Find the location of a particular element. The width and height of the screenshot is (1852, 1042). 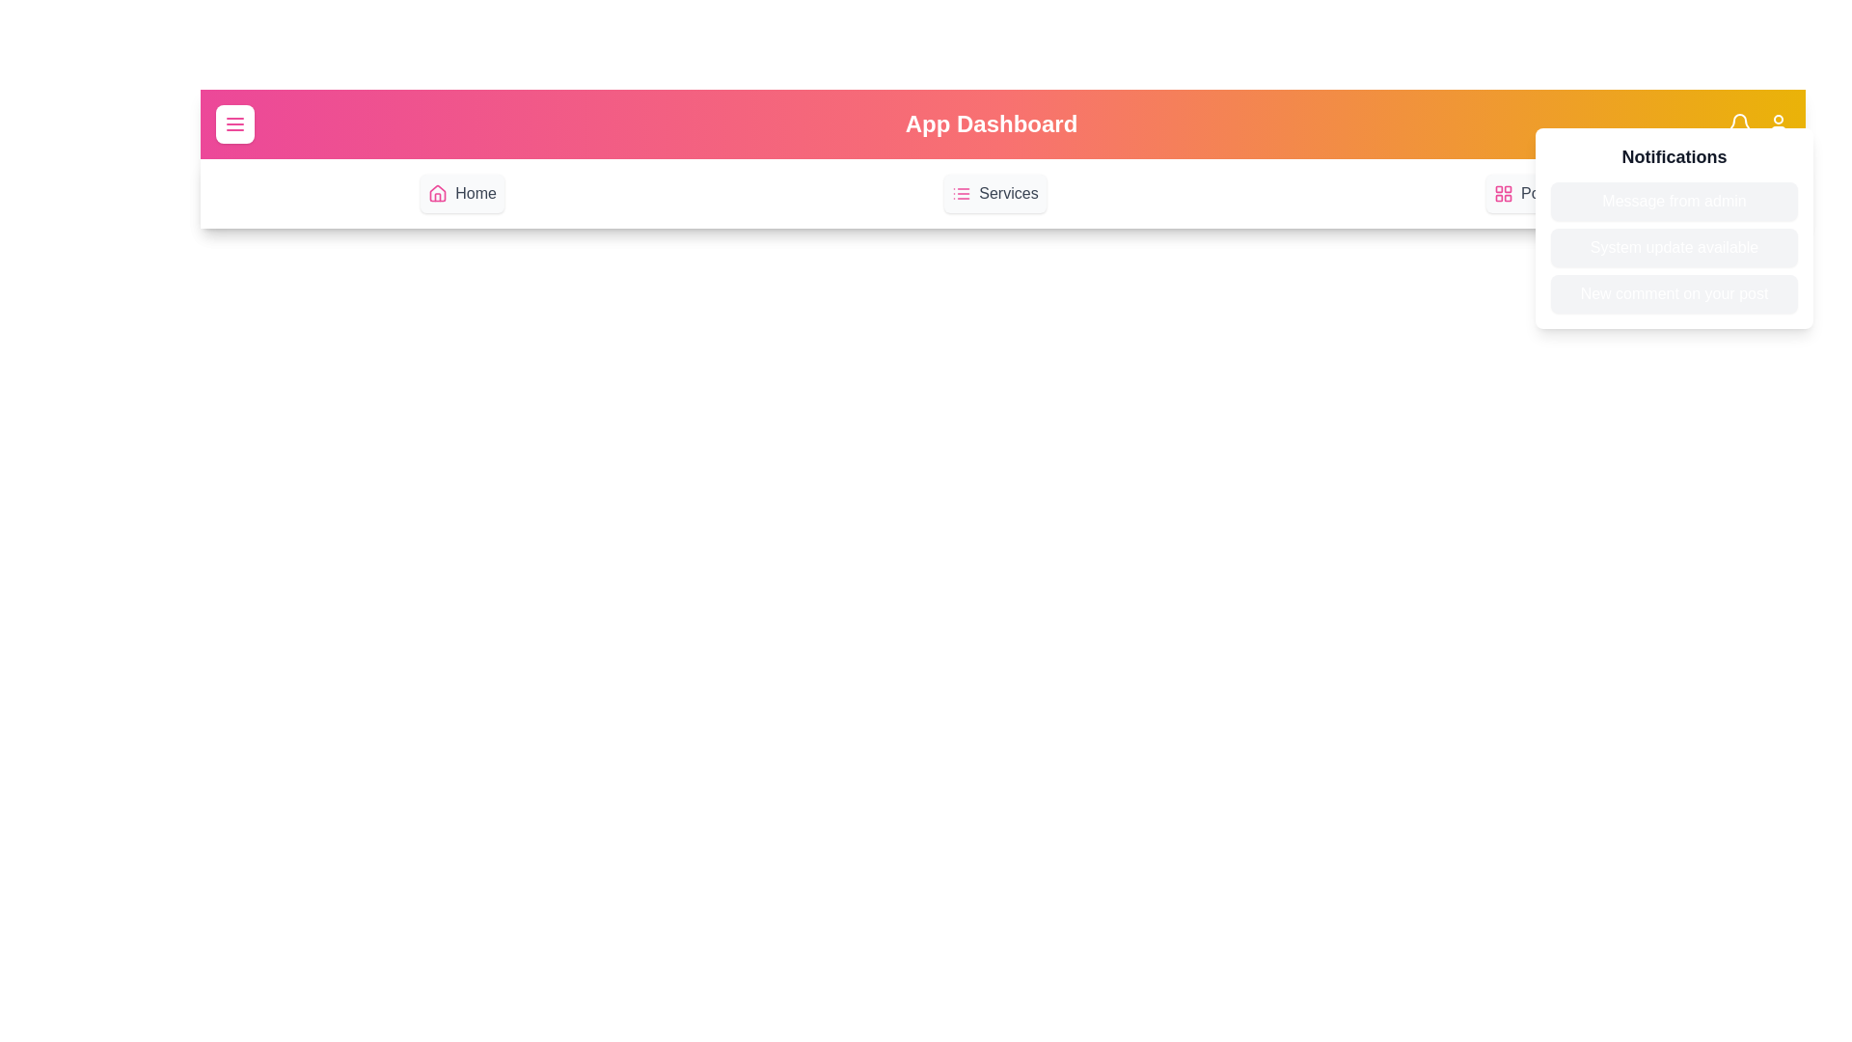

the navigation menu item Portfolio is located at coordinates (1535, 193).